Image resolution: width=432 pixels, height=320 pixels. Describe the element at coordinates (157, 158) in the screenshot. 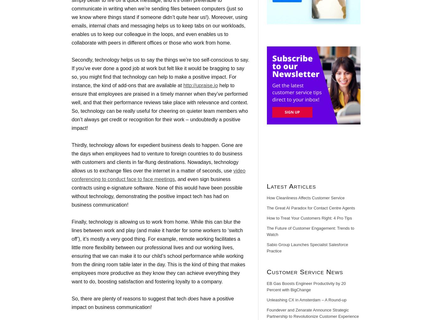

I see `'Thirdly, technology allows for expedient business deals to happen. Gone are the days when employees had to venture to foreign countries to do business with customers and clients in far-flung destinations. Nowadays, technology allows us to exchange files over the internet in a matter of seconds, use'` at that location.